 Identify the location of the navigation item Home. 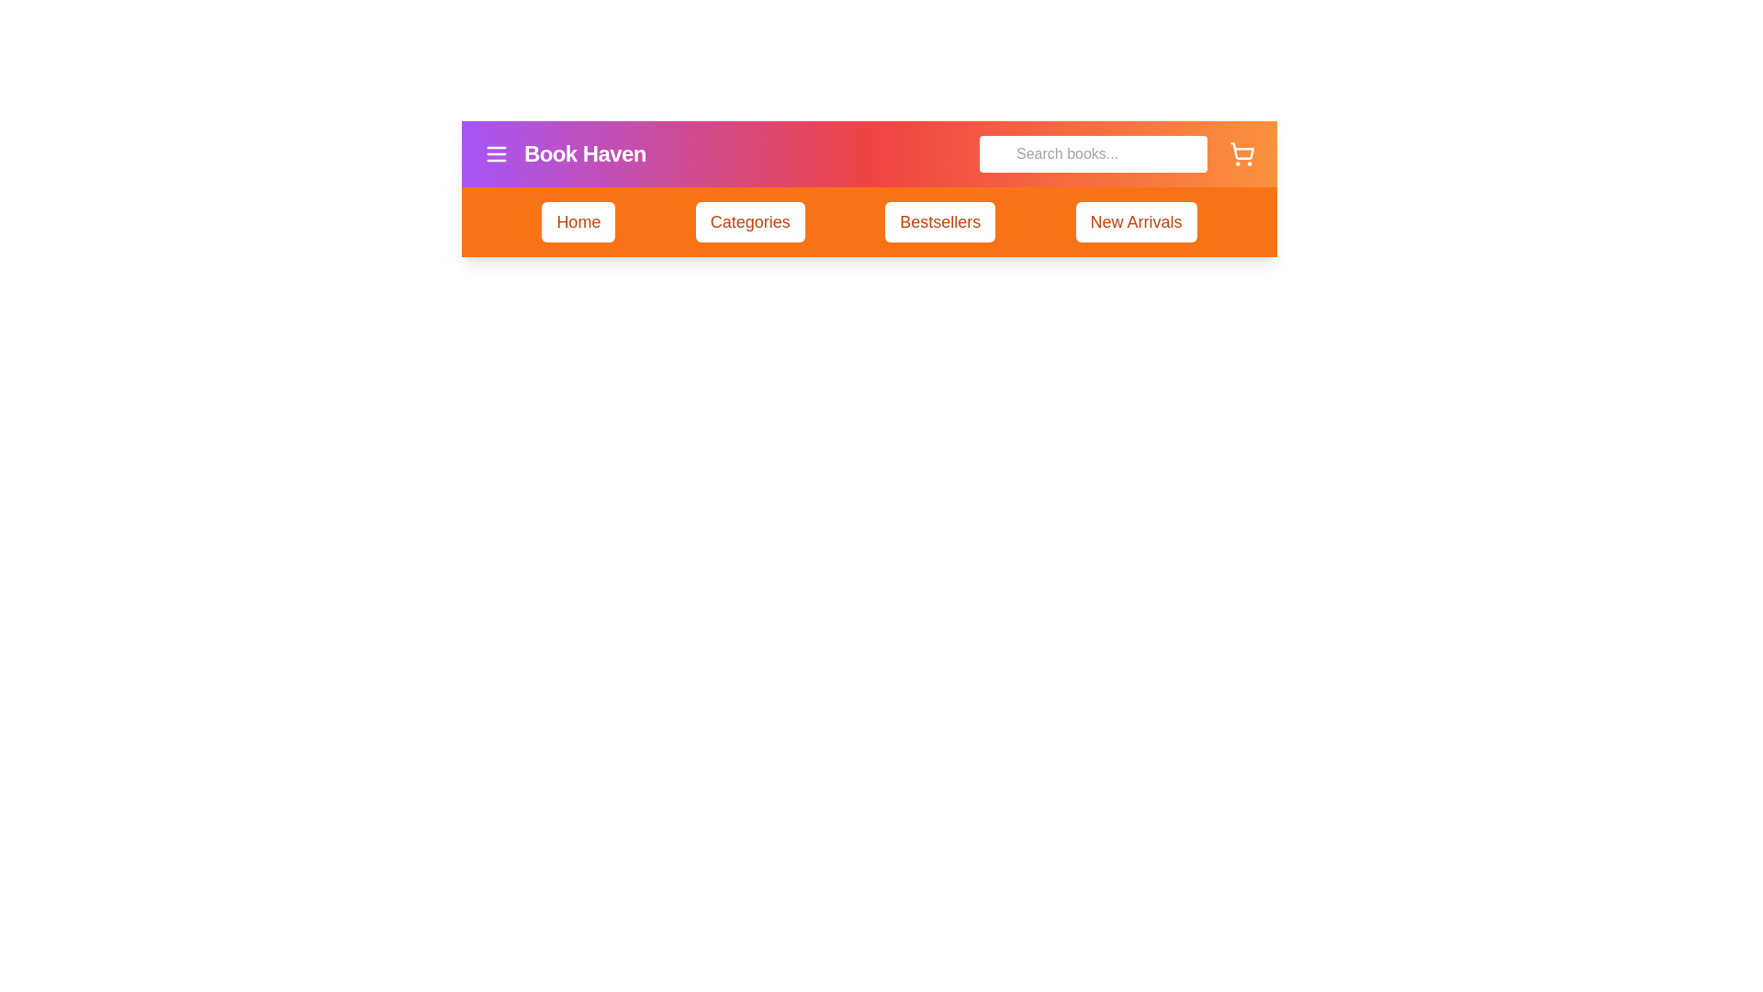
(577, 221).